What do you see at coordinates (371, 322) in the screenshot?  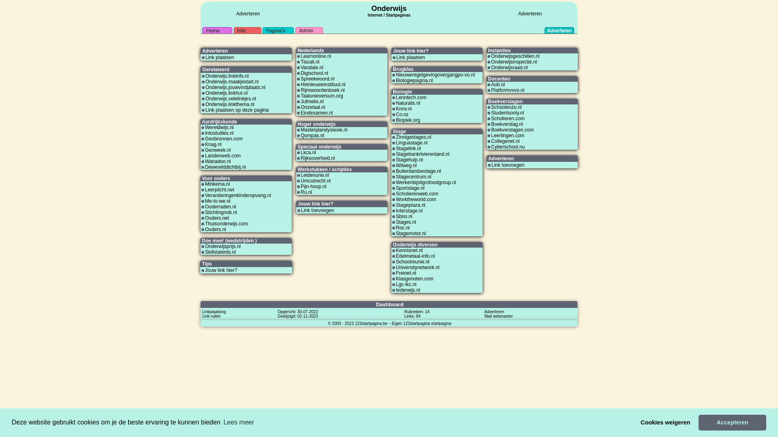 I see `'123startpagina.be'` at bounding box center [371, 322].